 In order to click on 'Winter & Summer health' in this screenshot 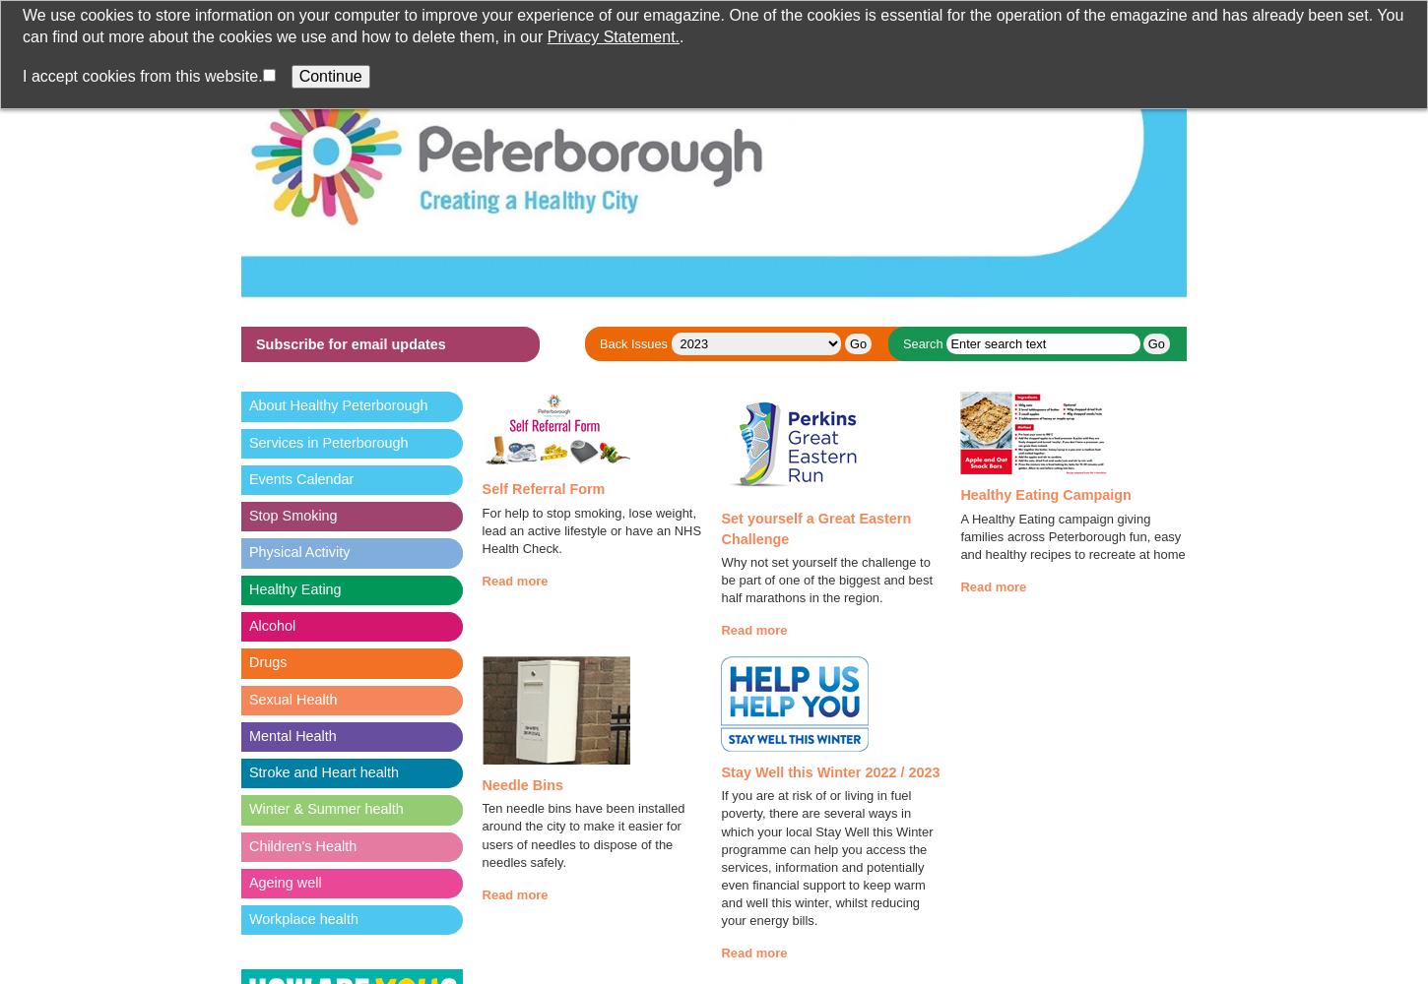, I will do `click(326, 808)`.